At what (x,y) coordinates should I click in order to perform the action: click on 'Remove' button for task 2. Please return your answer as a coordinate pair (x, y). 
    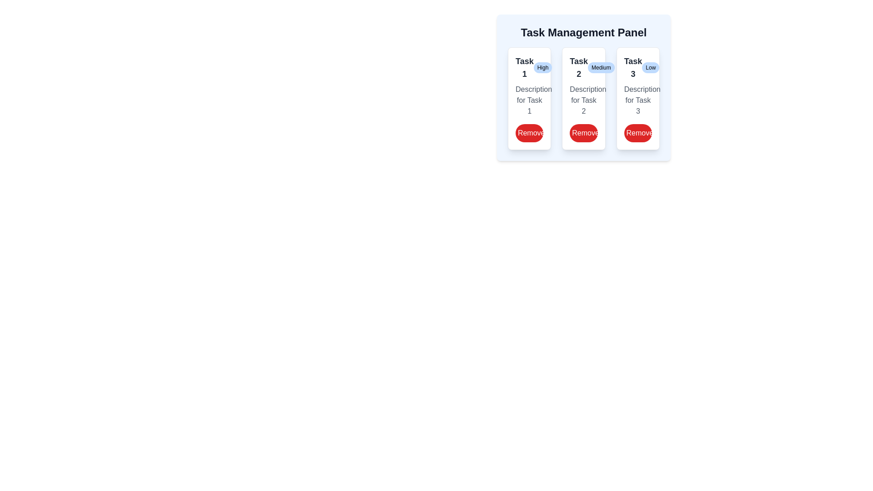
    Looking at the image, I should click on (583, 133).